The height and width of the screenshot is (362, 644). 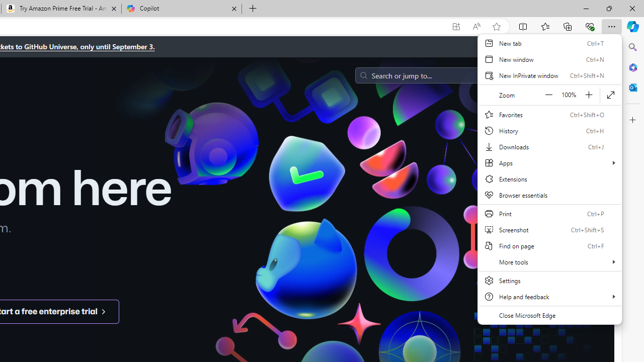 What do you see at coordinates (548, 95) in the screenshot?
I see `'Zoom out (Ctrl+Minus key)'` at bounding box center [548, 95].